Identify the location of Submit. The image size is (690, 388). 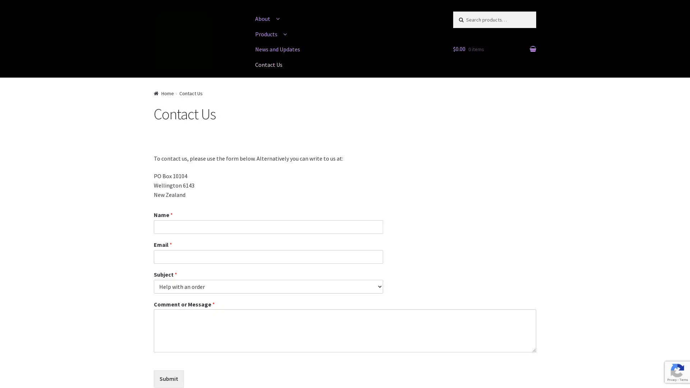
(169, 379).